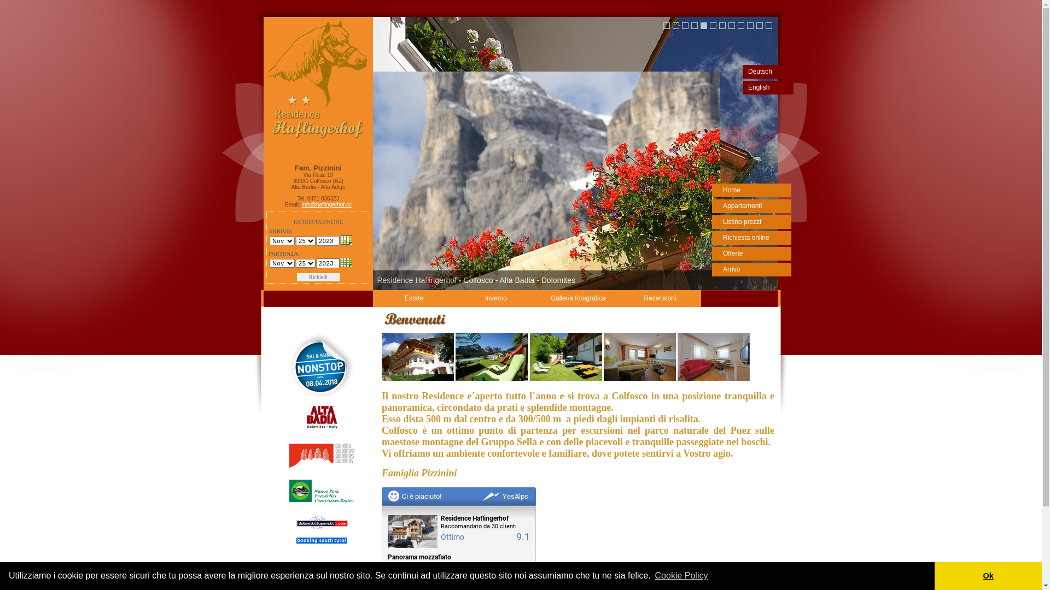  What do you see at coordinates (743, 72) in the screenshot?
I see `'Deutsch'` at bounding box center [743, 72].